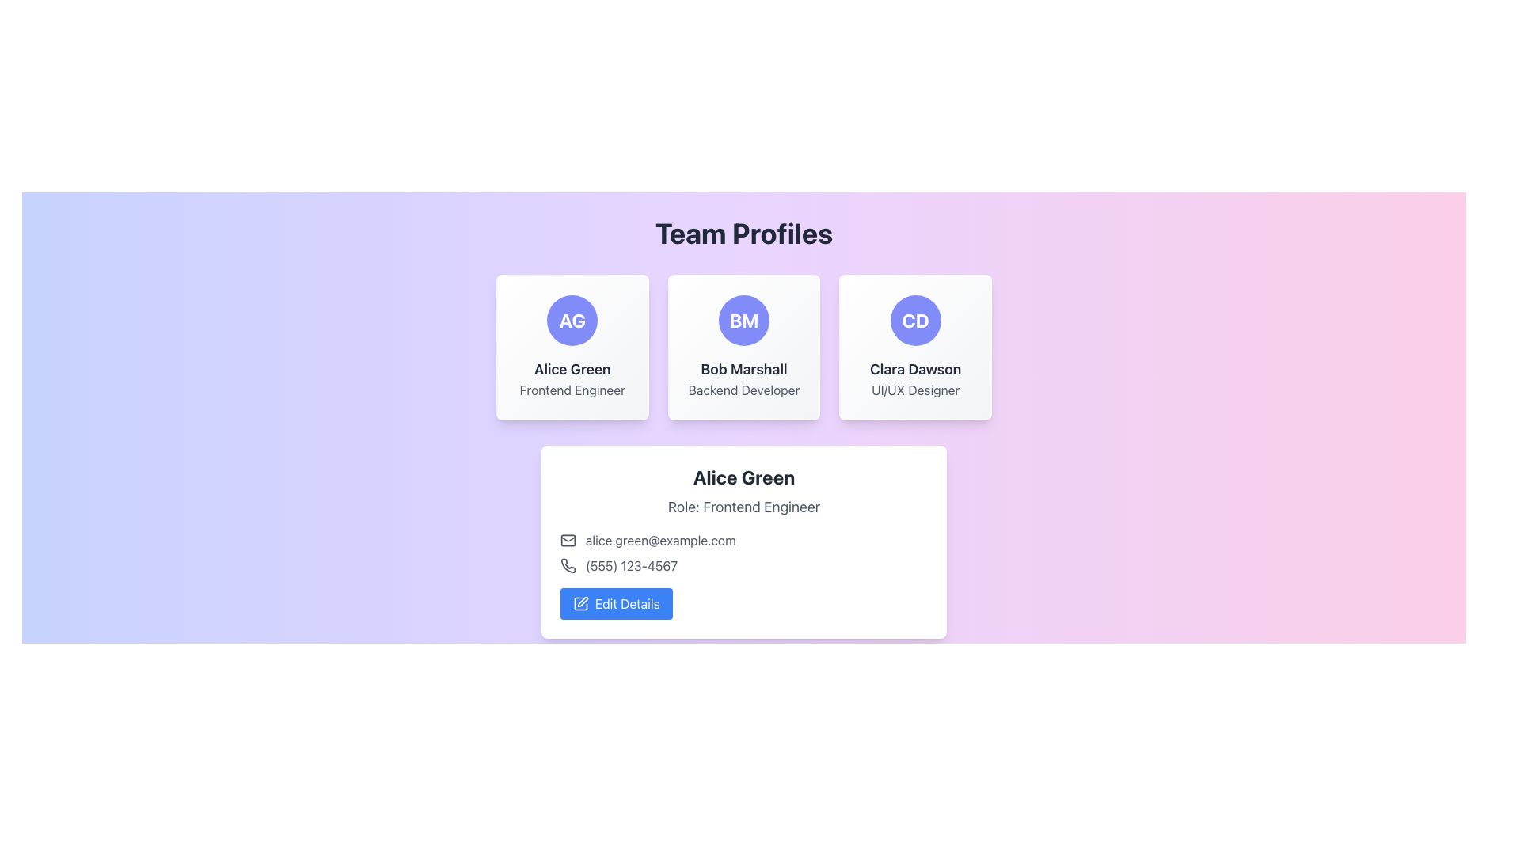 The image size is (1520, 855). I want to click on rectangular envelope background of the mail icon within the detailed card for 'Alice Green' for debugging purposes, so click(568, 539).